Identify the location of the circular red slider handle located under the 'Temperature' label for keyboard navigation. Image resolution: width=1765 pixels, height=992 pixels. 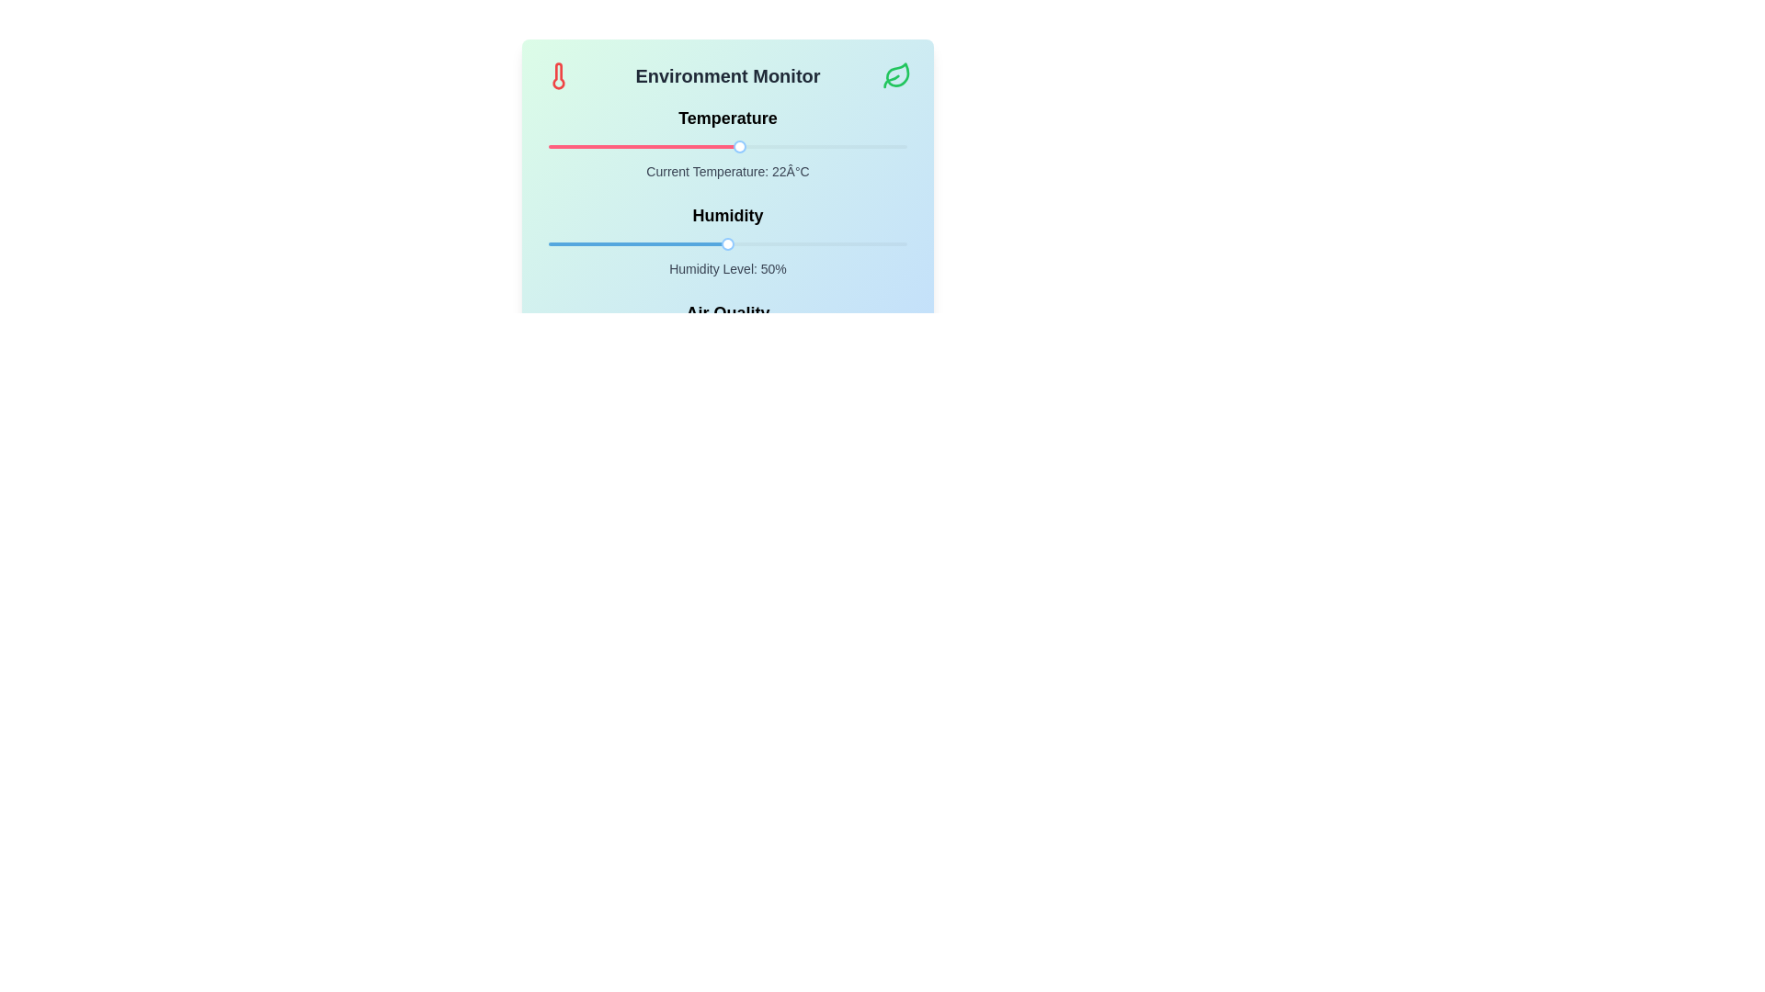
(740, 145).